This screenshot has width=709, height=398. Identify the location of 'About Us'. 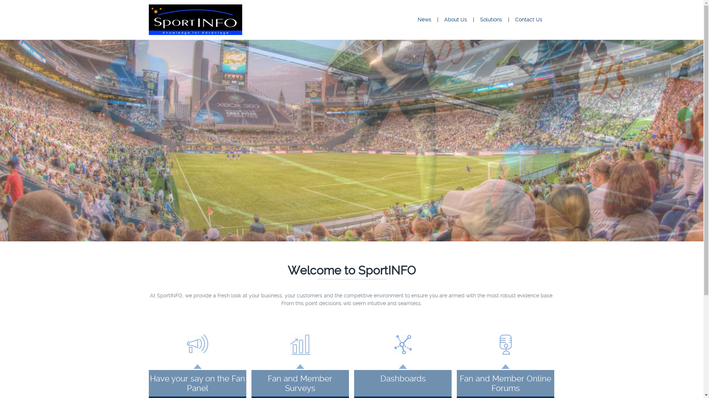
(455, 19).